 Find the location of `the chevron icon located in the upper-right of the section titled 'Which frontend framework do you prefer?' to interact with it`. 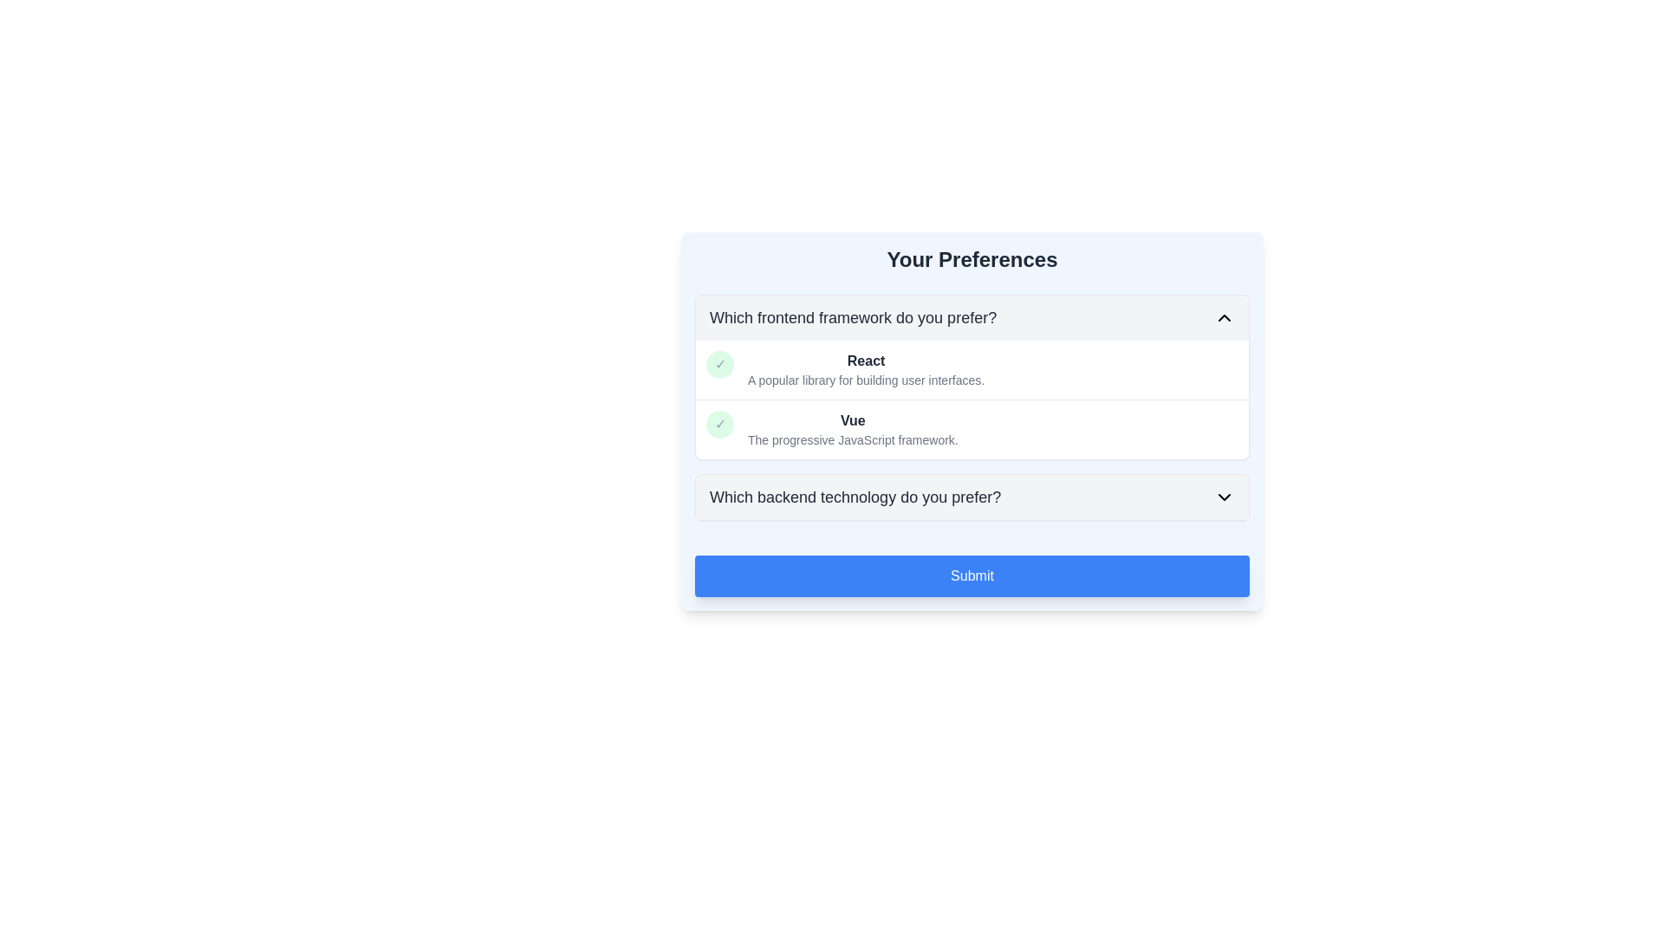

the chevron icon located in the upper-right of the section titled 'Which frontend framework do you prefer?' to interact with it is located at coordinates (1223, 317).